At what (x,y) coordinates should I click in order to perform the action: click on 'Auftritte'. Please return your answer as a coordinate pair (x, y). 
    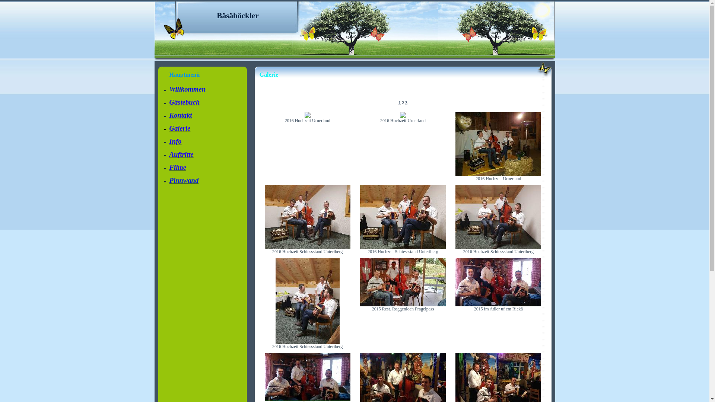
    Looking at the image, I should click on (181, 154).